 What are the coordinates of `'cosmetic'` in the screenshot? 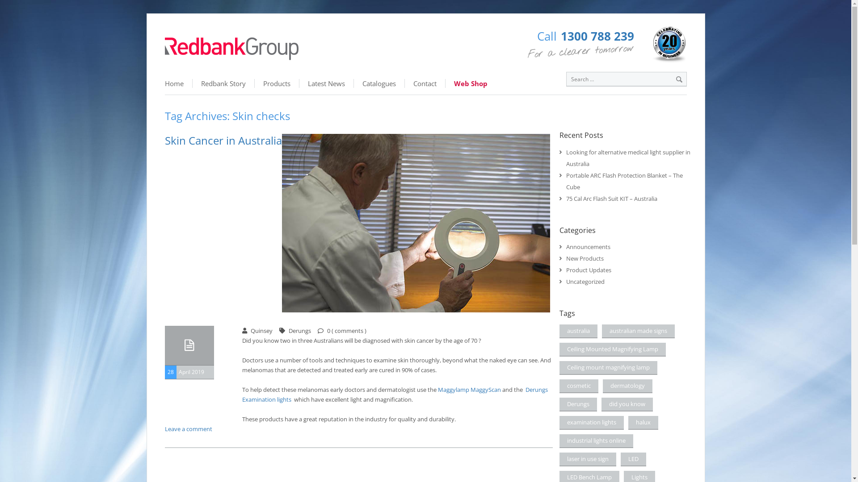 It's located at (559, 386).